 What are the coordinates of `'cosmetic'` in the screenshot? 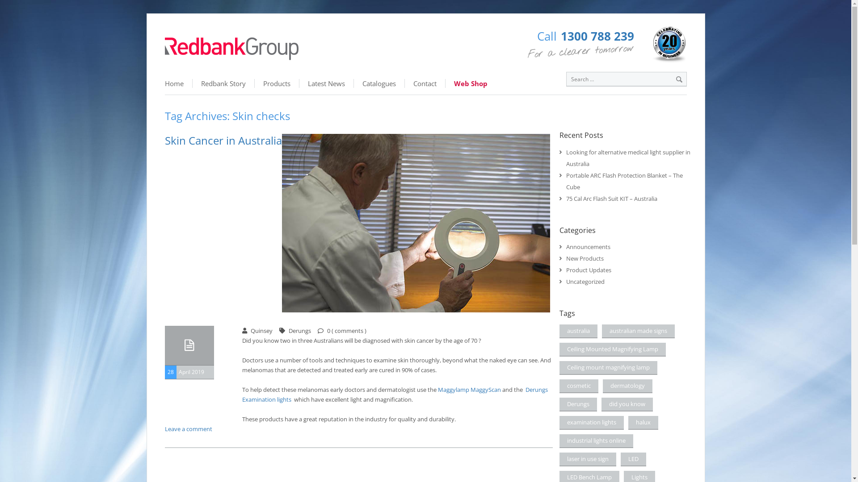 It's located at (559, 386).